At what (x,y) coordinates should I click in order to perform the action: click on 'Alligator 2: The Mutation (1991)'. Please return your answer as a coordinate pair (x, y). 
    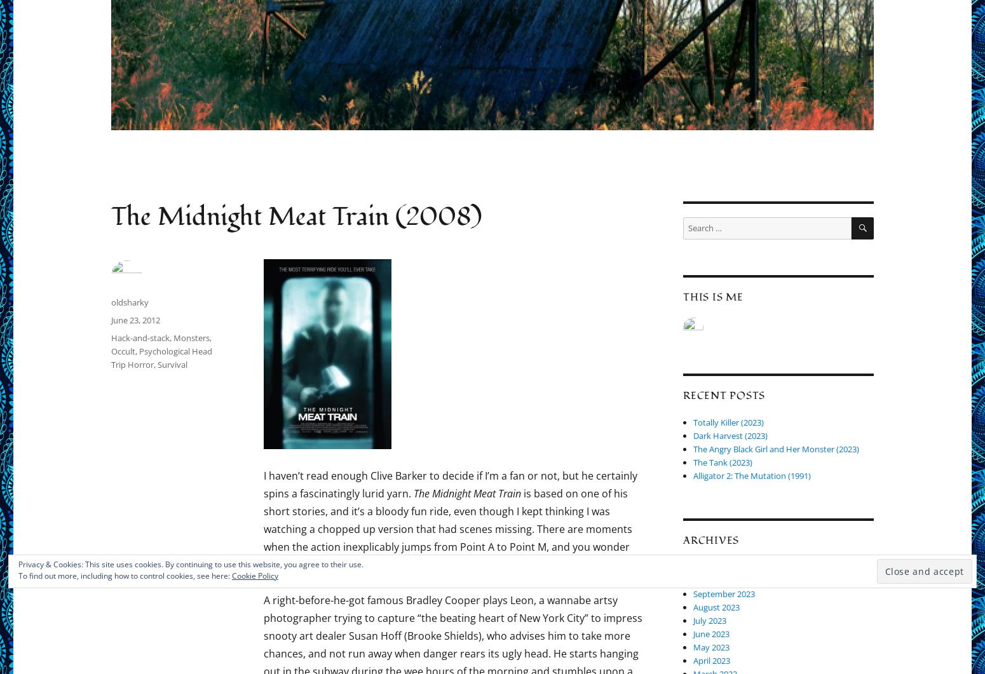
    Looking at the image, I should click on (752, 475).